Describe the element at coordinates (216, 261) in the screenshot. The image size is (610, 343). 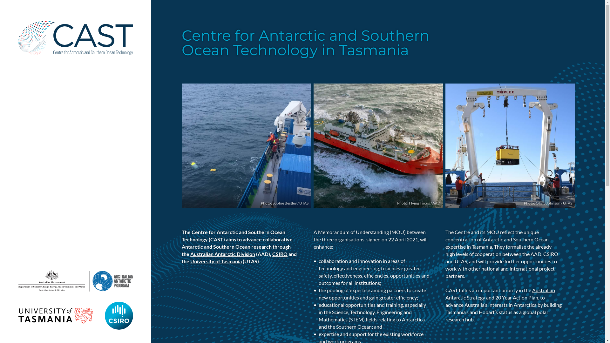
I see `'University of Tasmania'` at that location.